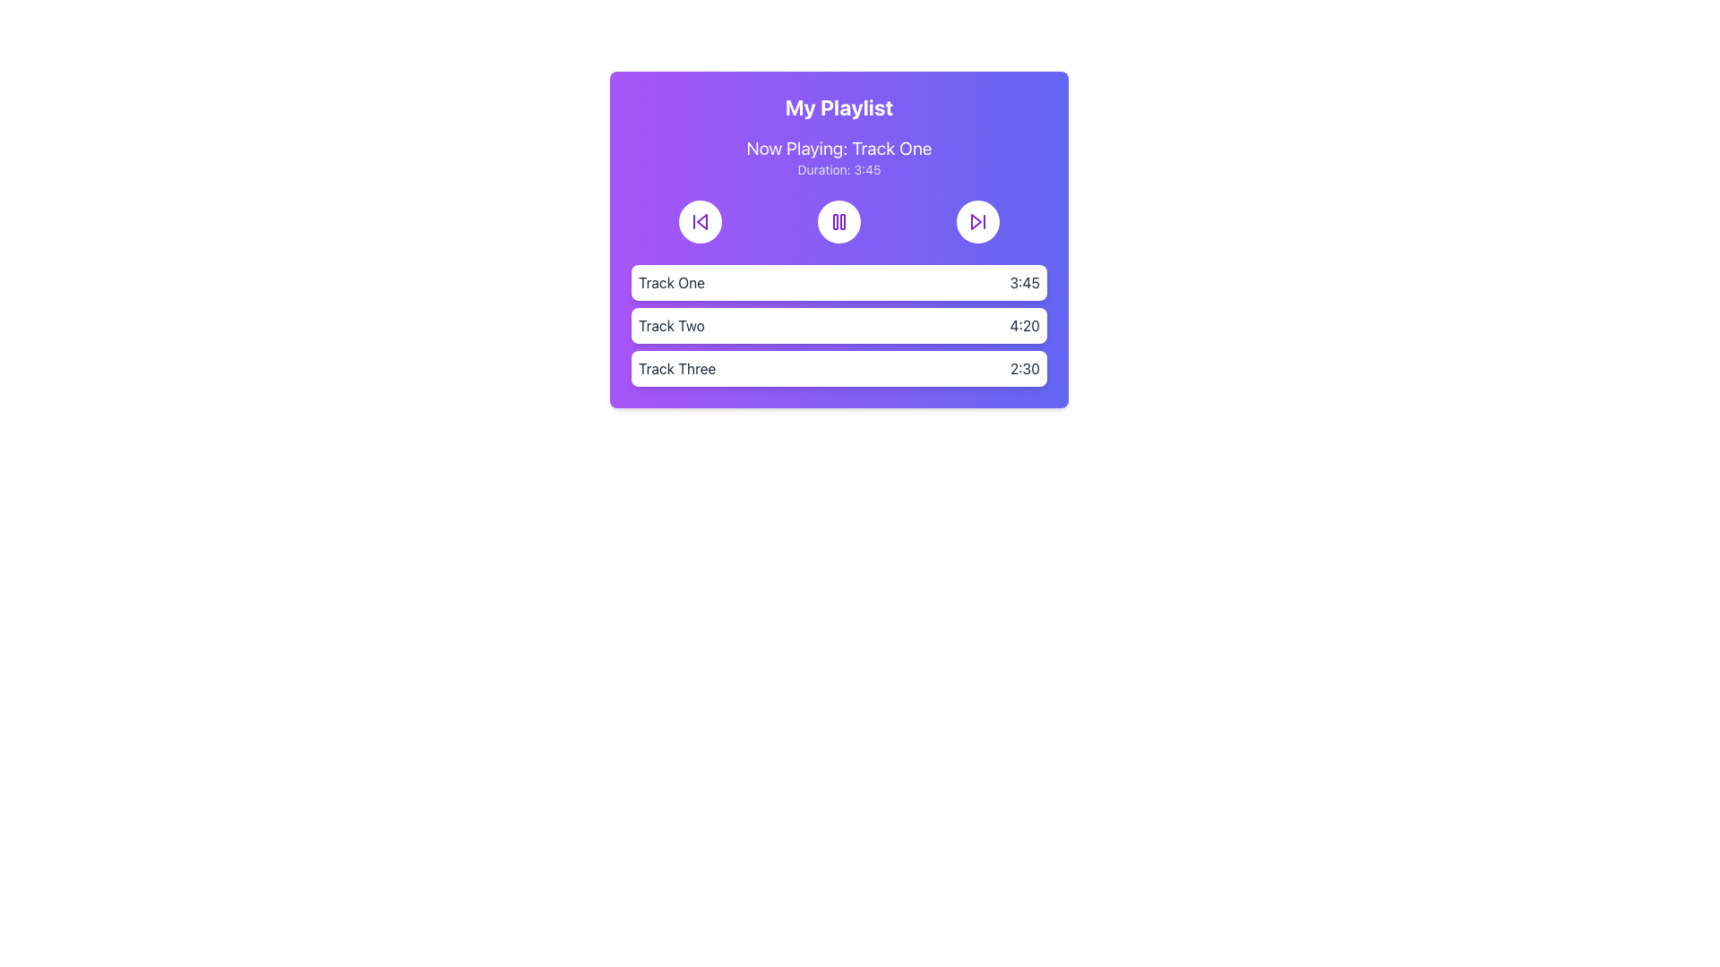  I want to click on the 'skip forward' button located in the control buttons section of the media player, so click(976, 220).